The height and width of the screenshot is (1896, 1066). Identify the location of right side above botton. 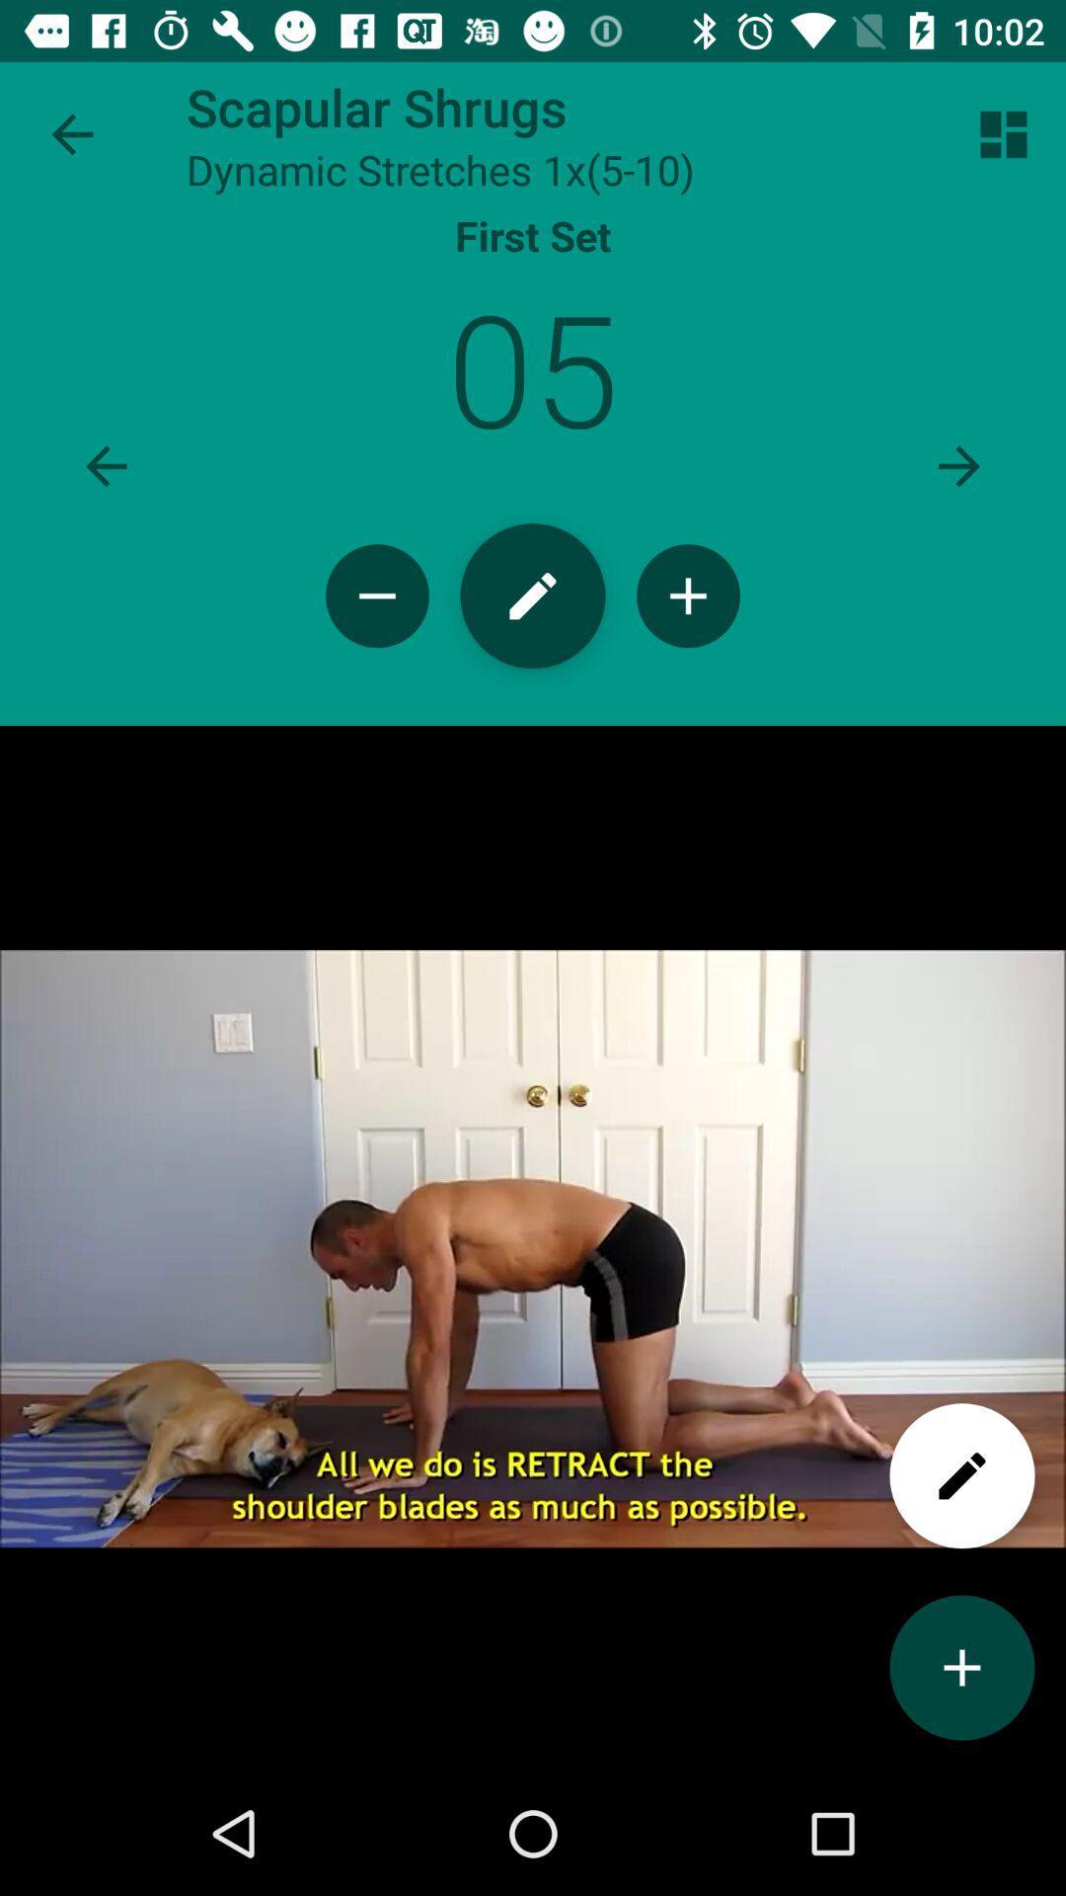
(1004, 134).